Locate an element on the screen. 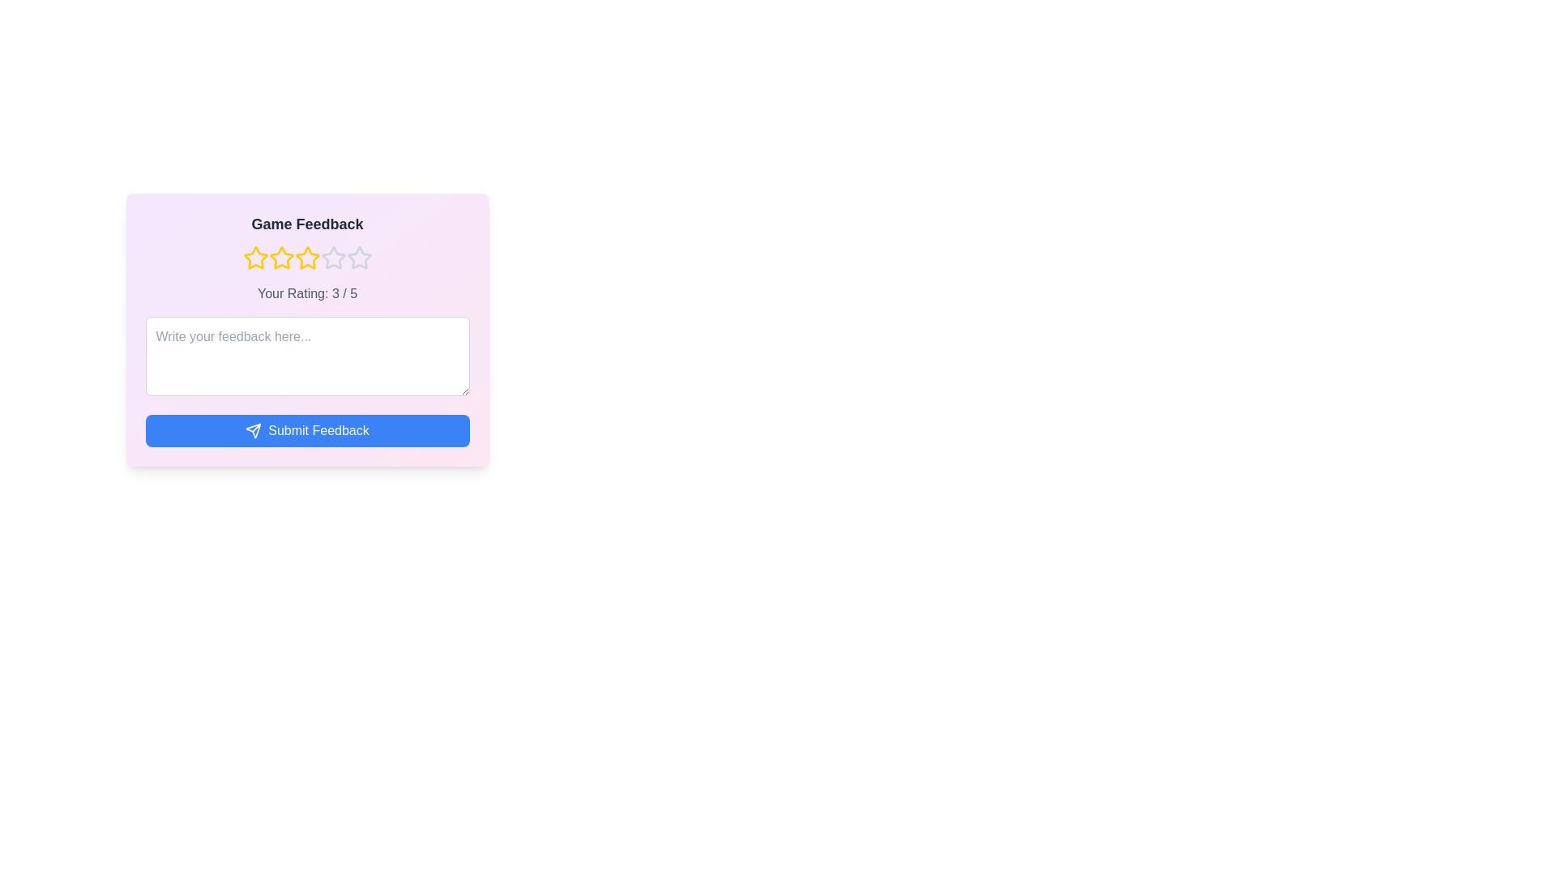 Image resolution: width=1556 pixels, height=875 pixels. the rating to 1 stars by clicking on the corresponding star is located at coordinates (254, 258).